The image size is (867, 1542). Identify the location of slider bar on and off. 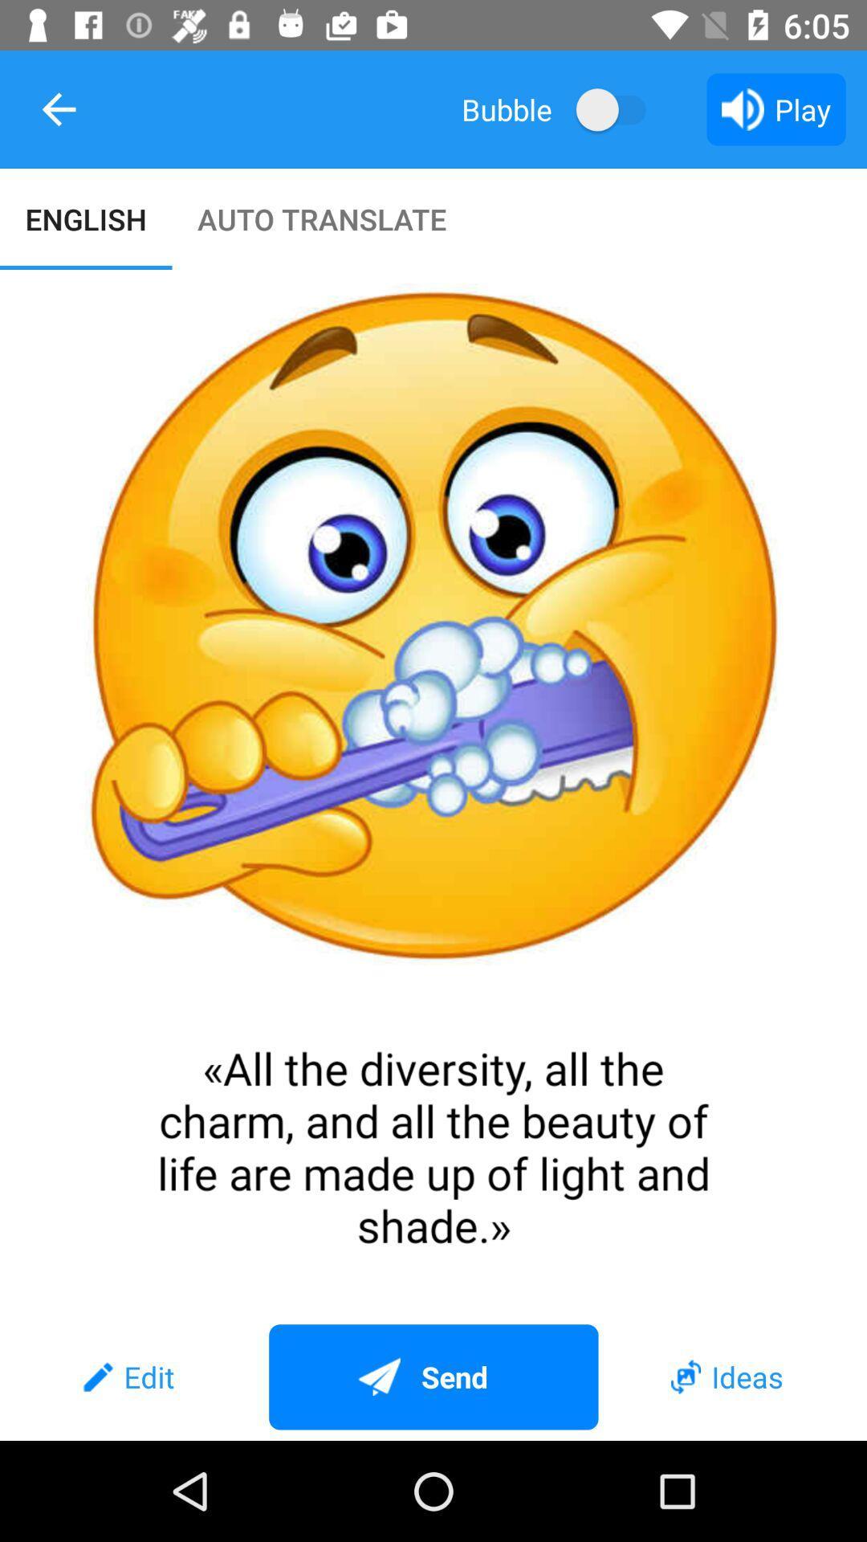
(618, 108).